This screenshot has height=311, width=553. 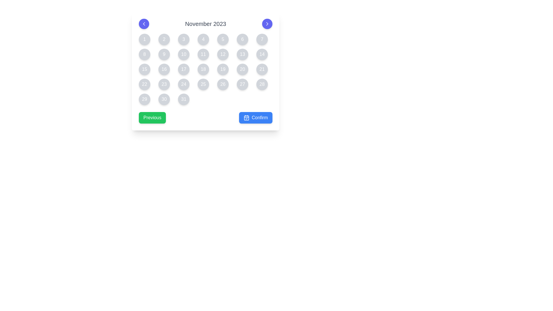 I want to click on the circular button displaying the number '29', so click(x=145, y=99).